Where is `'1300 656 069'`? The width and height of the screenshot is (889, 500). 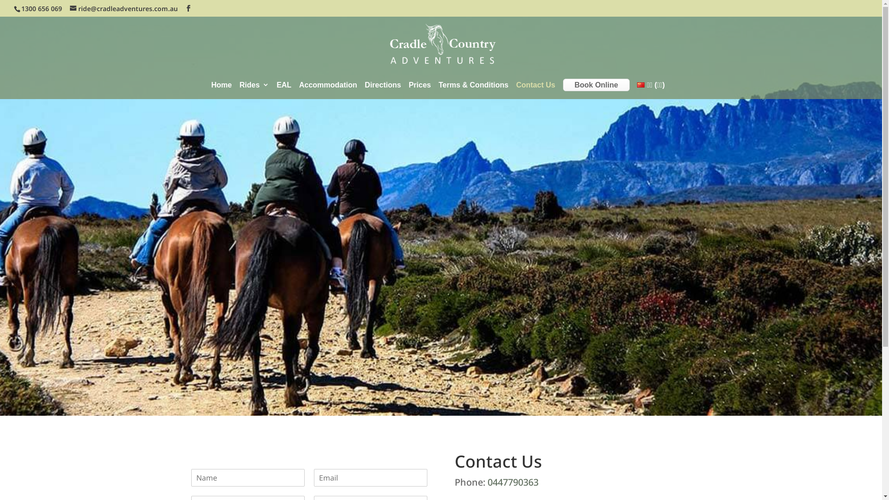
'1300 656 069' is located at coordinates (21, 8).